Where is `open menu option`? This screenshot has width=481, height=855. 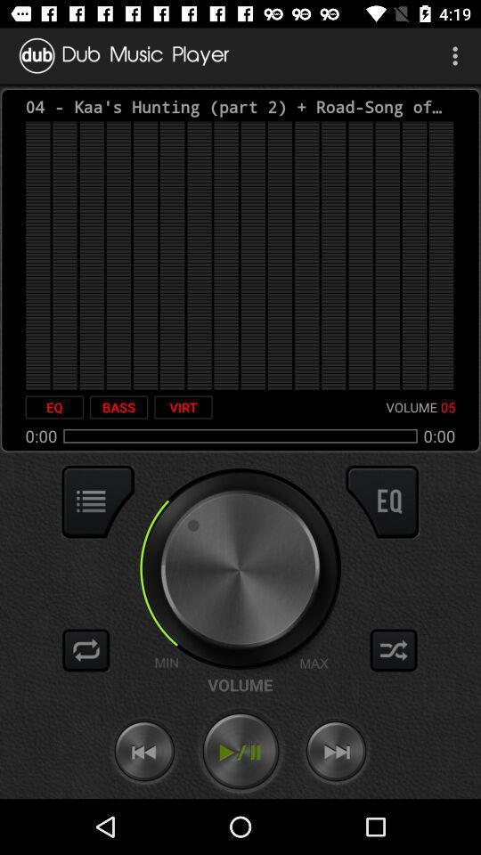 open menu option is located at coordinates (98, 501).